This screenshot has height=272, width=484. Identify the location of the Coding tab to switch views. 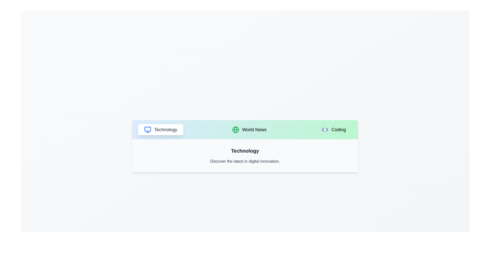
(334, 129).